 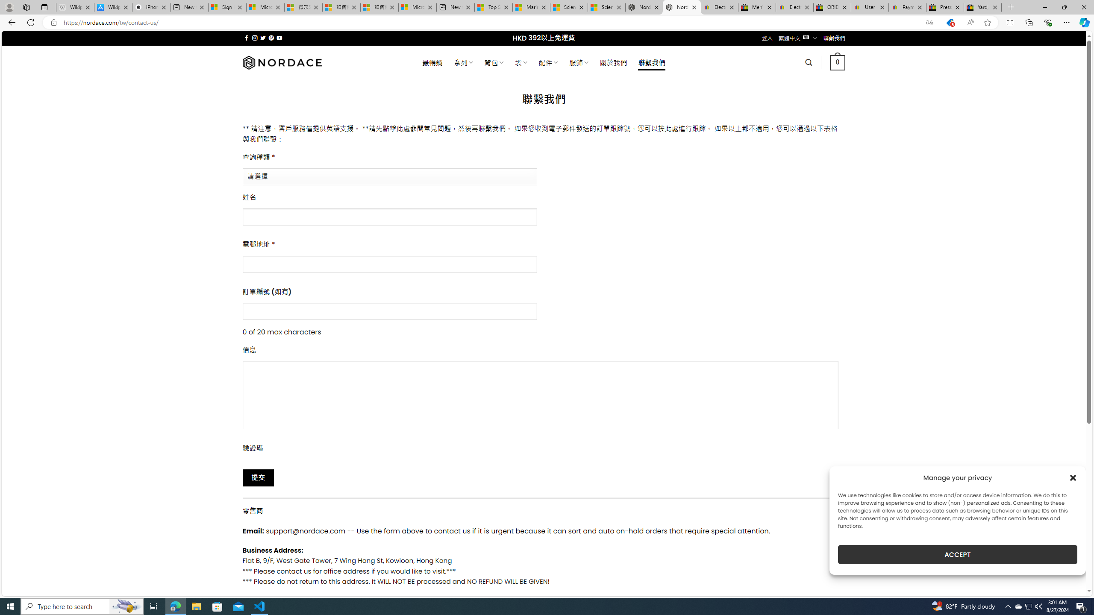 I want to click on 'Follow on Facebook', so click(x=246, y=38).